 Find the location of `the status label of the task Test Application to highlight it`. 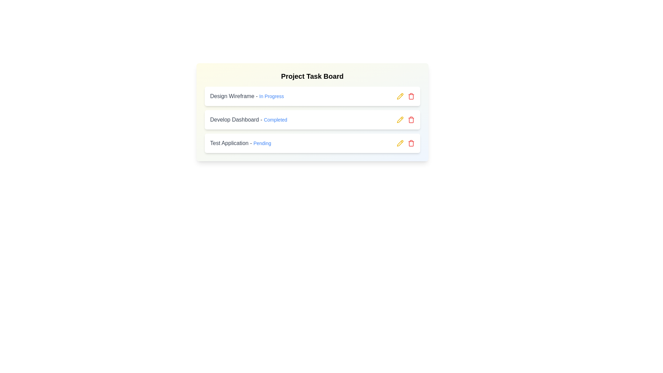

the status label of the task Test Application to highlight it is located at coordinates (262, 143).